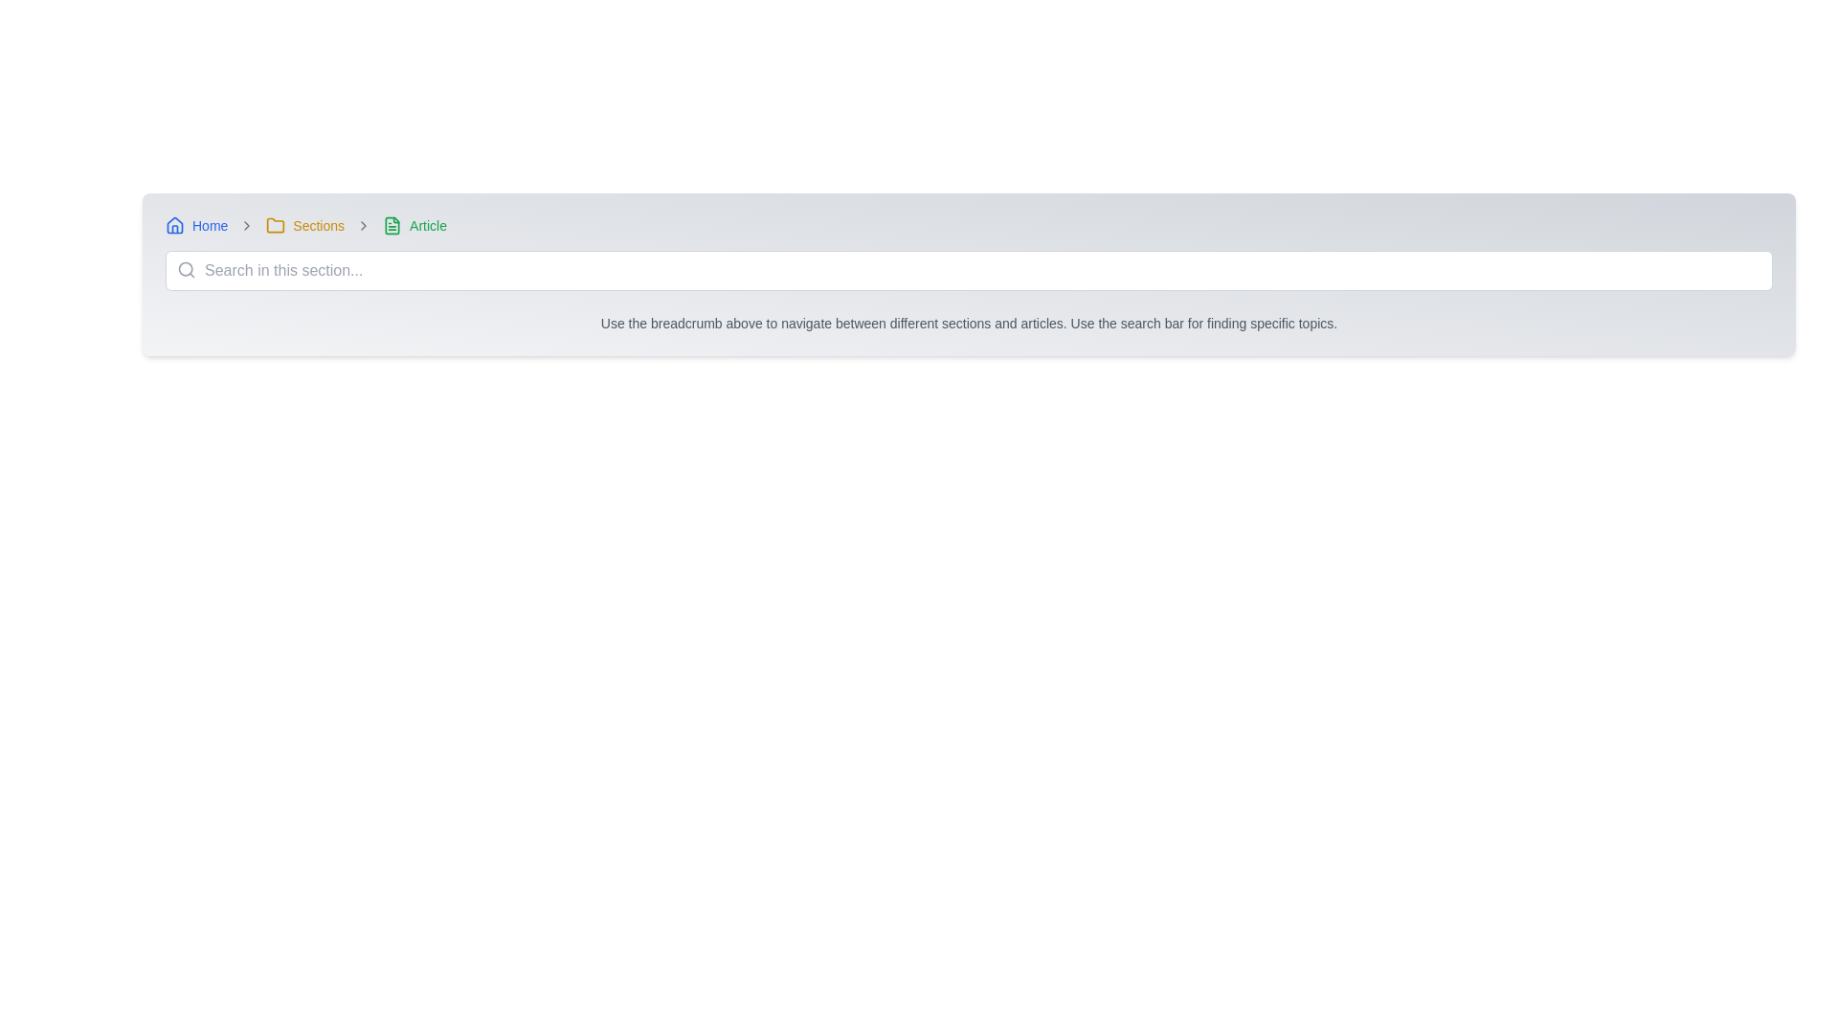  Describe the element at coordinates (210, 224) in the screenshot. I see `the 'Home' hyperlink in the breadcrumb navigation bar` at that location.